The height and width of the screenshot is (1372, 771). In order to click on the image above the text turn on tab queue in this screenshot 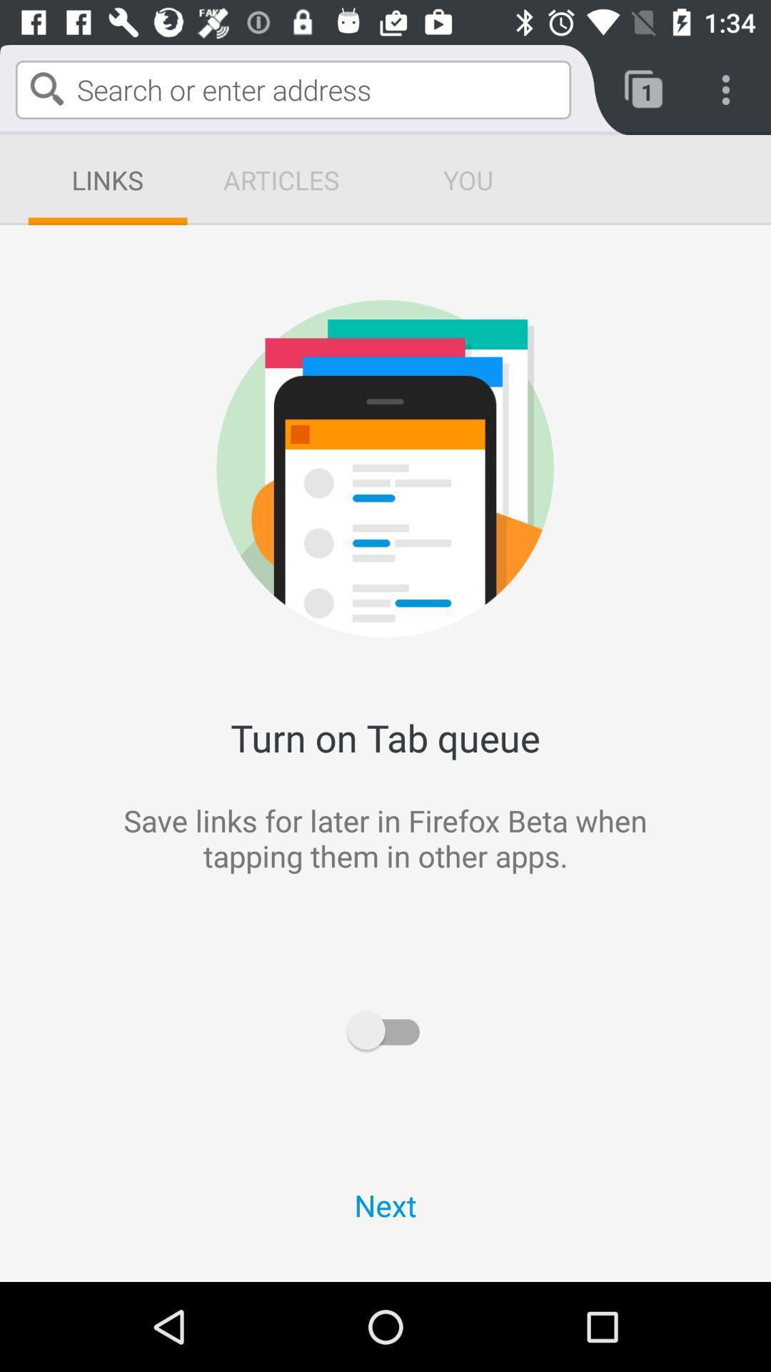, I will do `click(571, 349)`.